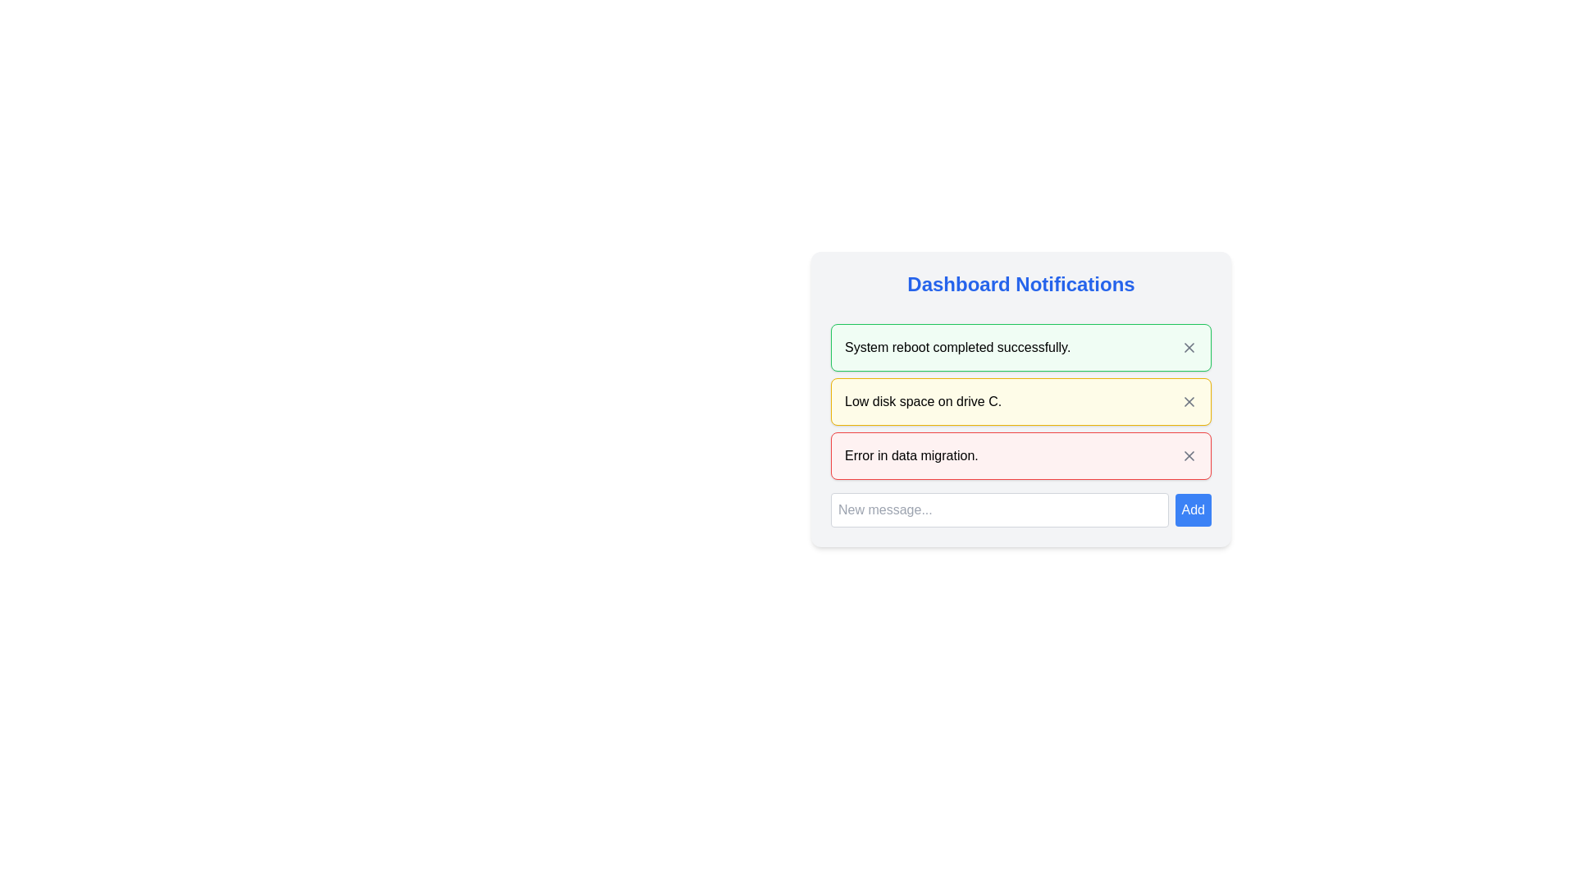 This screenshot has height=886, width=1575. What do you see at coordinates (957, 347) in the screenshot?
I see `the status message text label indicating successful system reboot within the green bordered notification box at the top of the 'Dashboard Notifications' interface` at bounding box center [957, 347].